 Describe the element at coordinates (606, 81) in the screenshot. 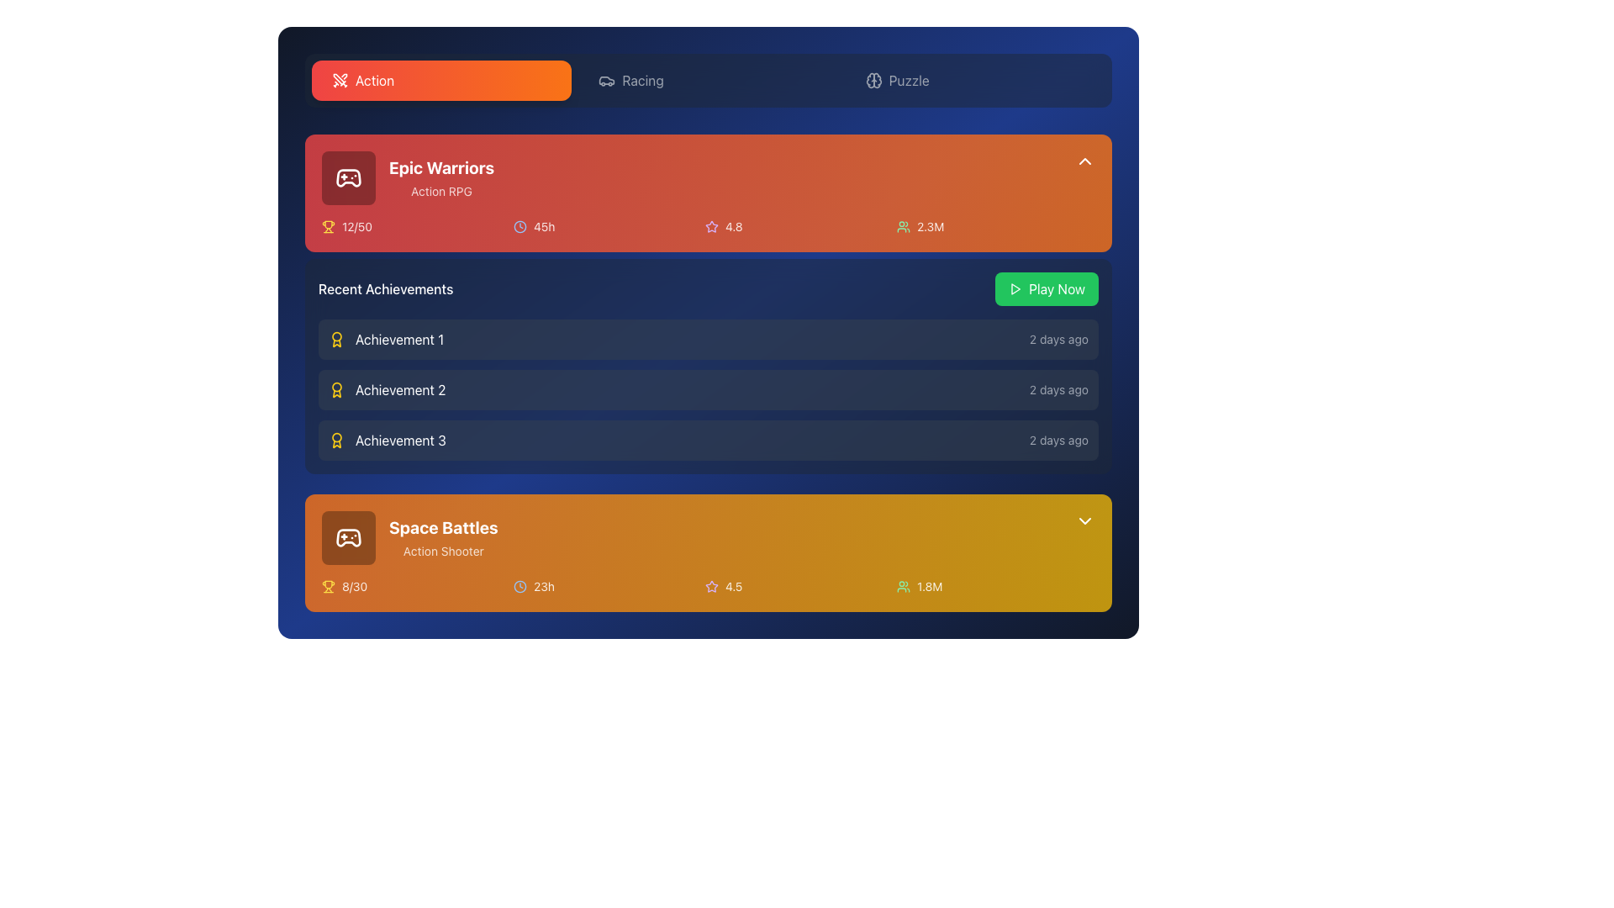

I see `the car icon in the 'Racing' tab of the top navigation bar, which is visually distinctive with a stroke outline and rounded corners` at that location.